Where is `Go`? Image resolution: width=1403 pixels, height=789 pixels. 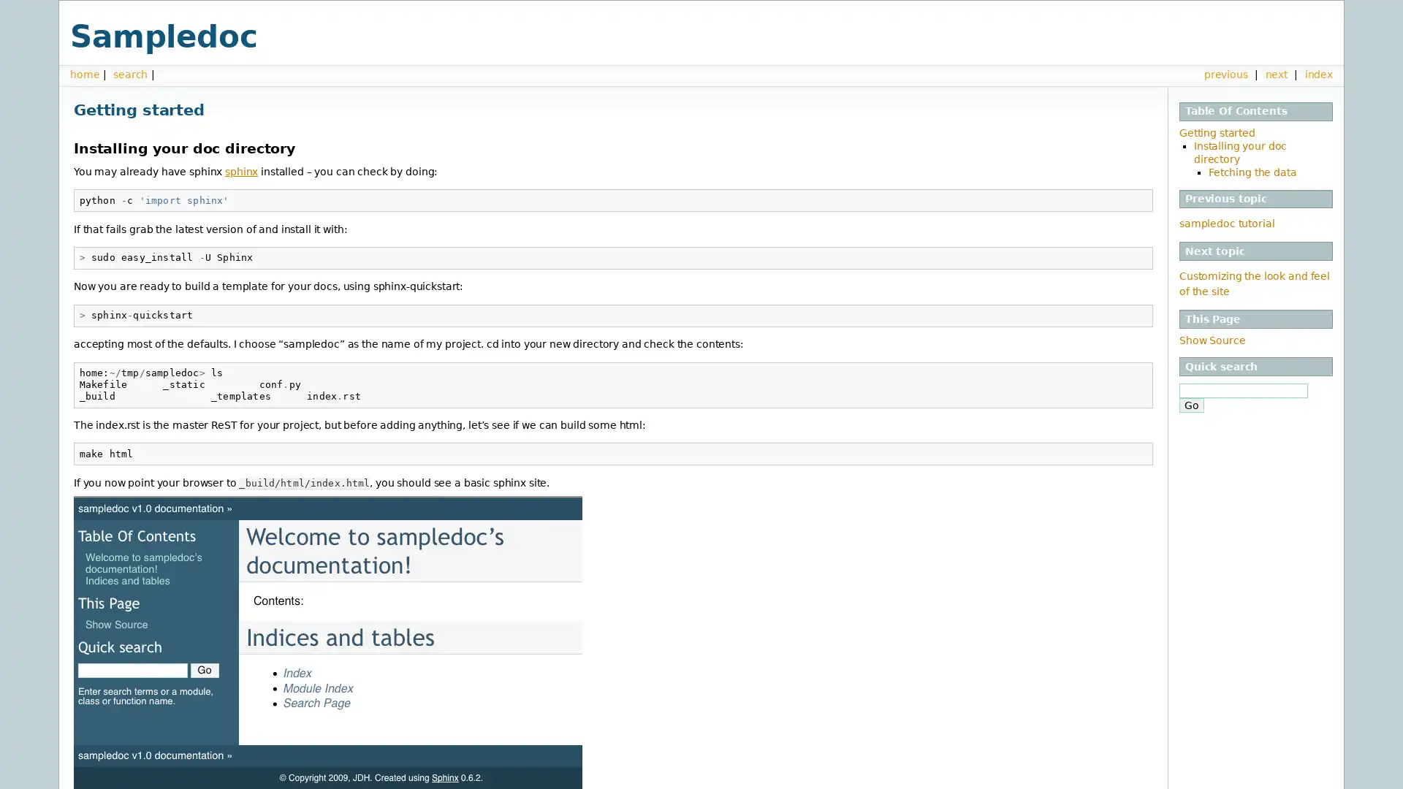
Go is located at coordinates (1192, 405).